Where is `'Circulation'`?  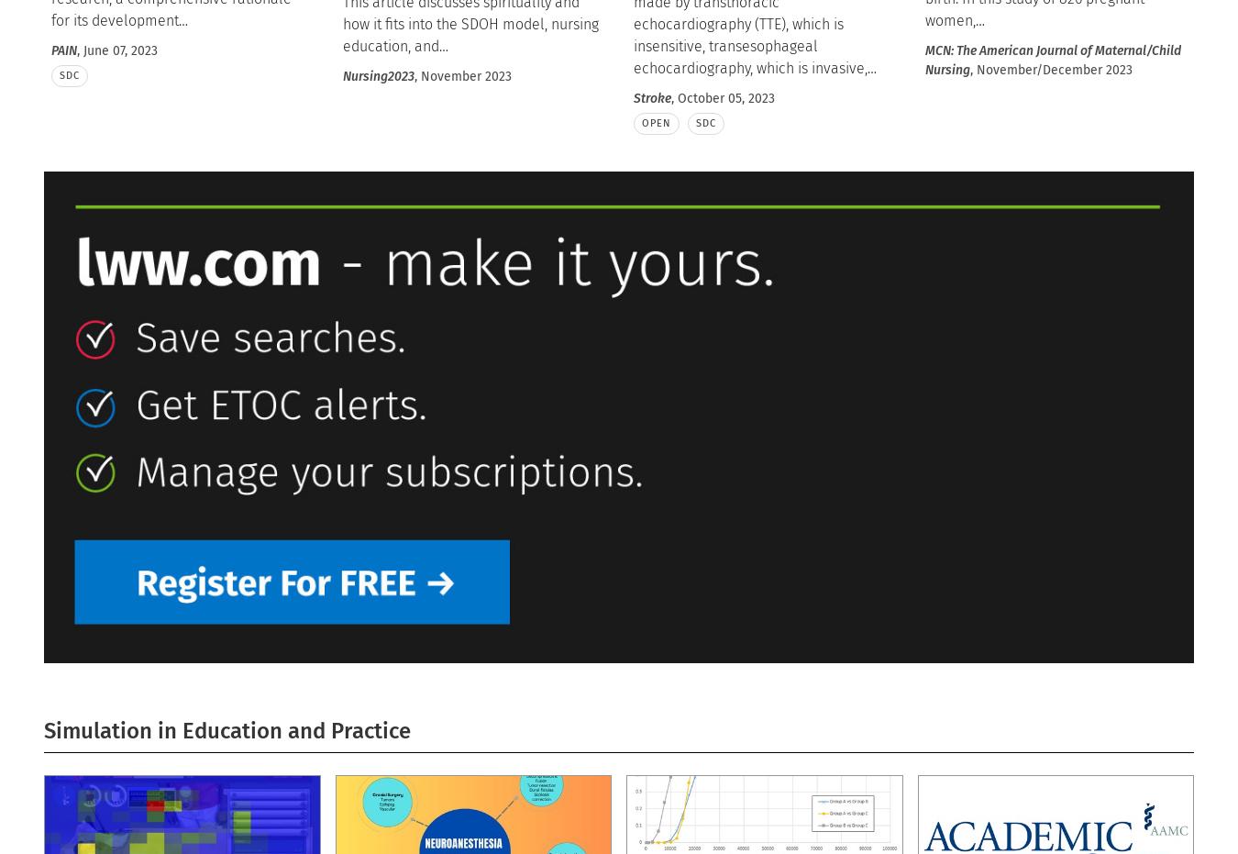
'Circulation' is located at coordinates (74, 179).